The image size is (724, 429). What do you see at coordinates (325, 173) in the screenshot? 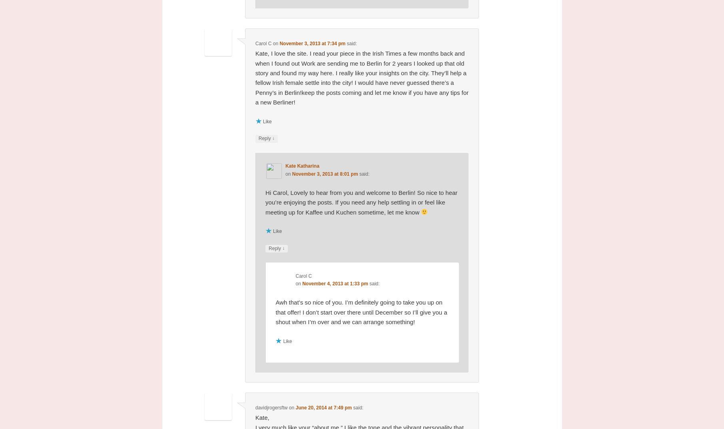
I see `'November 3, 2013 at 8:01 pm'` at bounding box center [325, 173].